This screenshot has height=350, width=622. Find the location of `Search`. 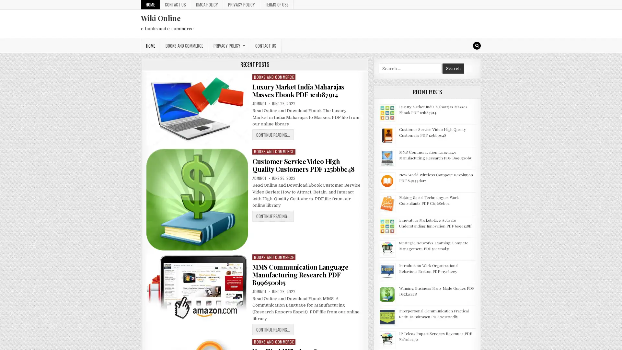

Search is located at coordinates (453, 68).